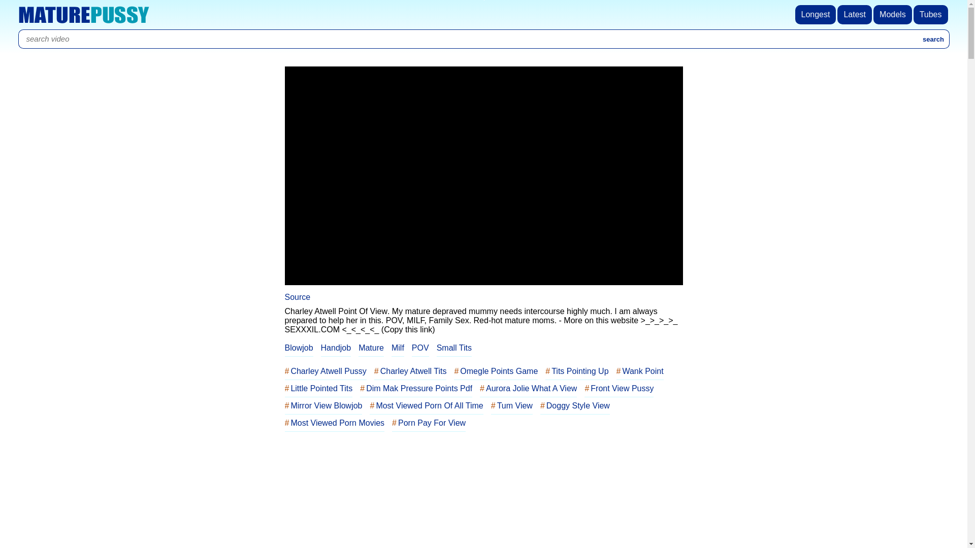 The height and width of the screenshot is (548, 975). Describe the element at coordinates (616, 371) in the screenshot. I see `'Wank Point'` at that location.